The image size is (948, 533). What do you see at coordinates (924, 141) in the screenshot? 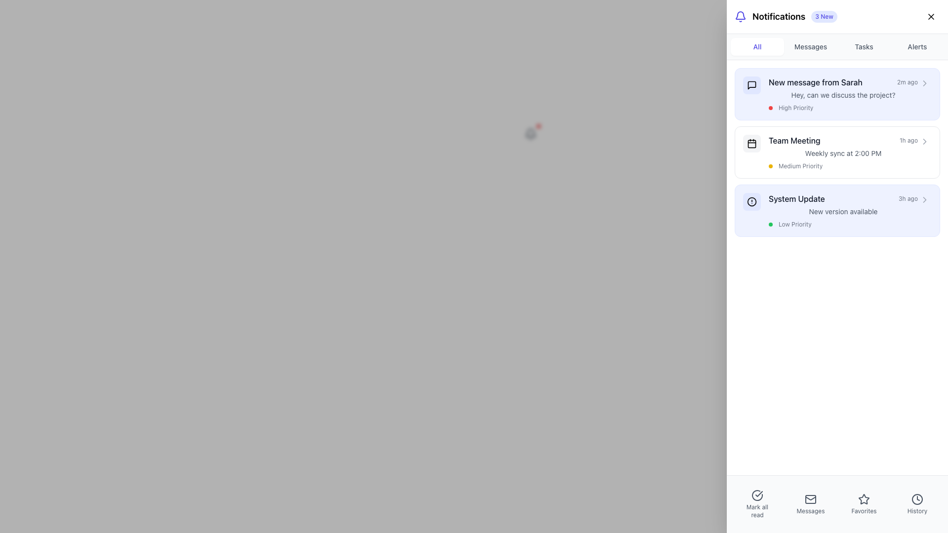
I see `the navigation button located at the far-right edge of the 'Team Meeting' notification` at bounding box center [924, 141].